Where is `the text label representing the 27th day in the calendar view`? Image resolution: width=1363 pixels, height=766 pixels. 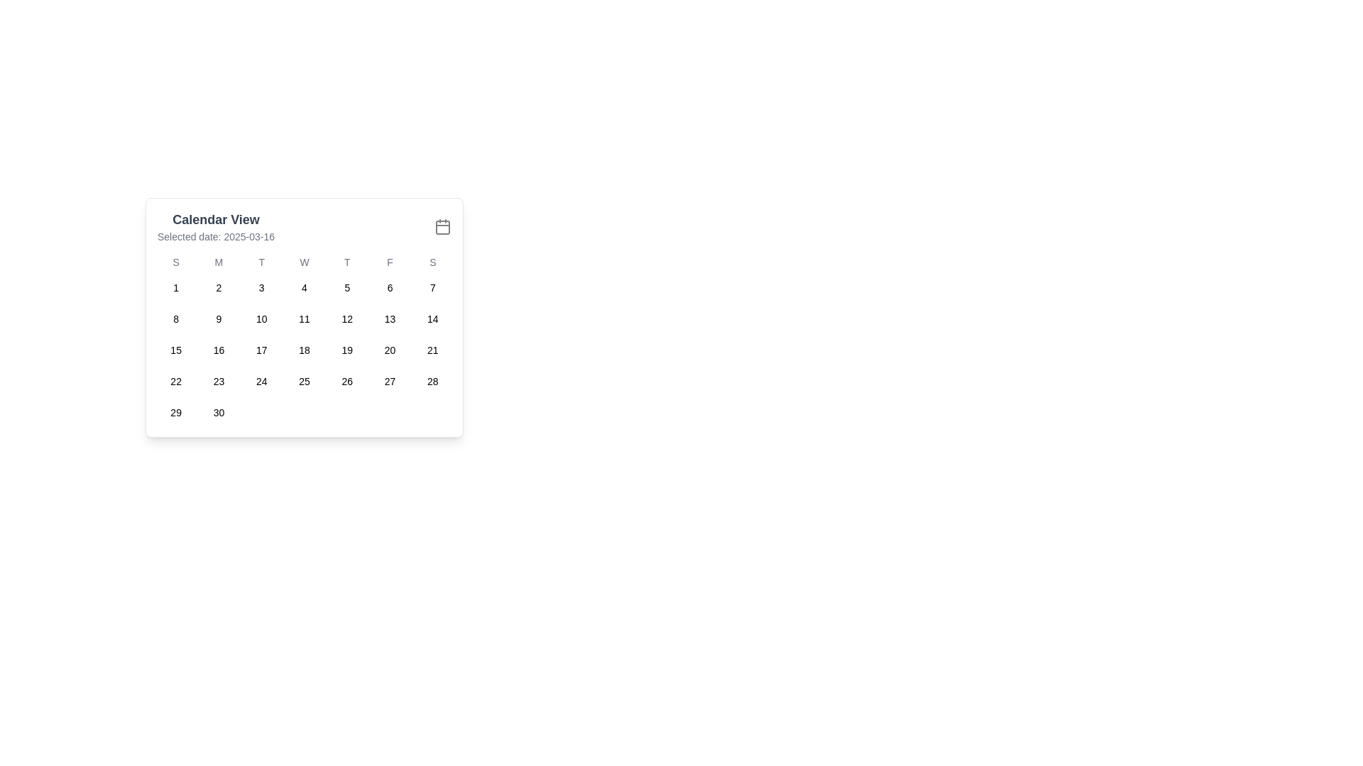 the text label representing the 27th day in the calendar view is located at coordinates (390, 380).